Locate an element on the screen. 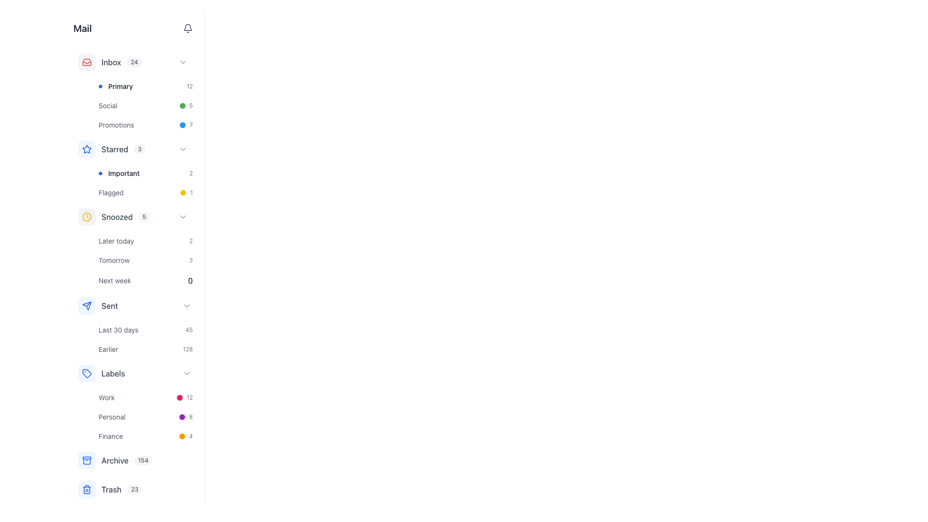 The width and height of the screenshot is (928, 522). the small circular pink icon located to the left of the numeric text label '12' in the 'Work' section of the vertical list of items is located at coordinates (180, 397).